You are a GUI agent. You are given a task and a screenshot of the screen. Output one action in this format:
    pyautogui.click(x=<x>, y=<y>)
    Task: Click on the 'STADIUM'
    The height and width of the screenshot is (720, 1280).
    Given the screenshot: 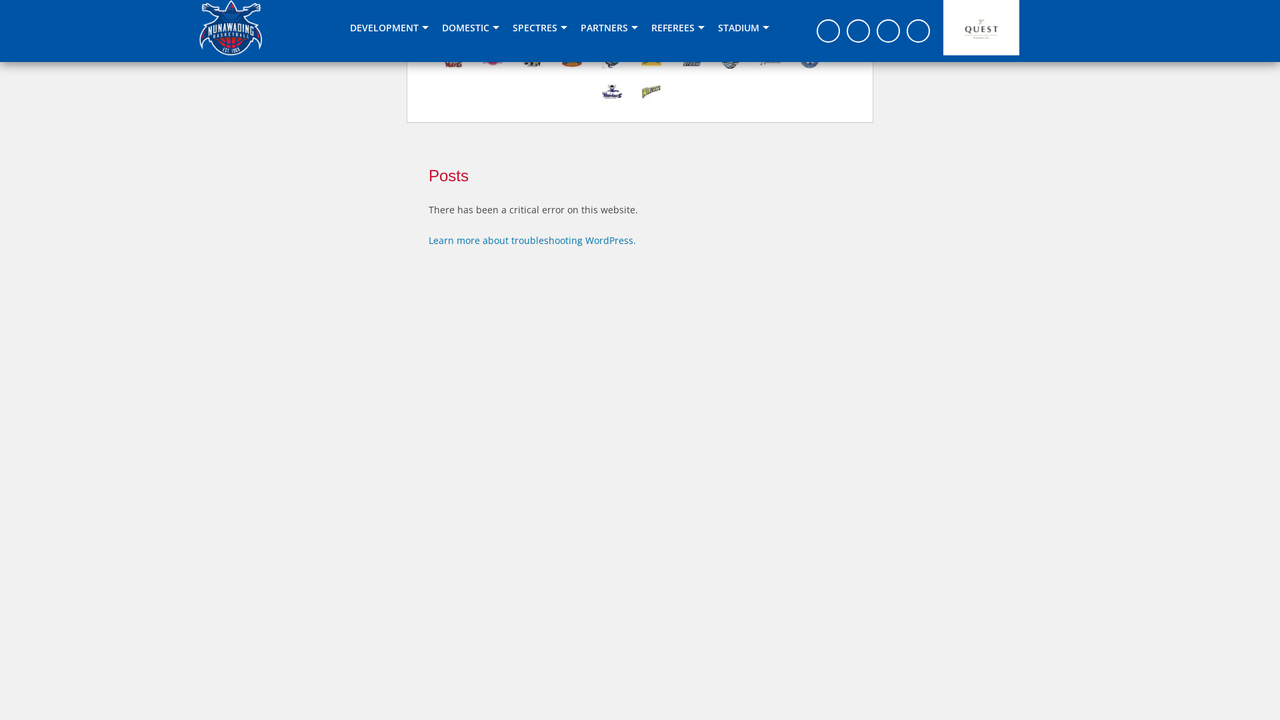 What is the action you would take?
    pyautogui.click(x=743, y=27)
    